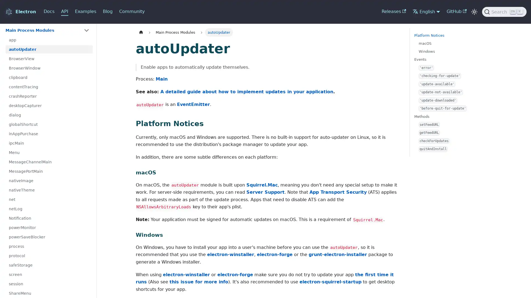 This screenshot has height=298, width=531. I want to click on Switch between dark and light mode (currently light mode), so click(474, 12).